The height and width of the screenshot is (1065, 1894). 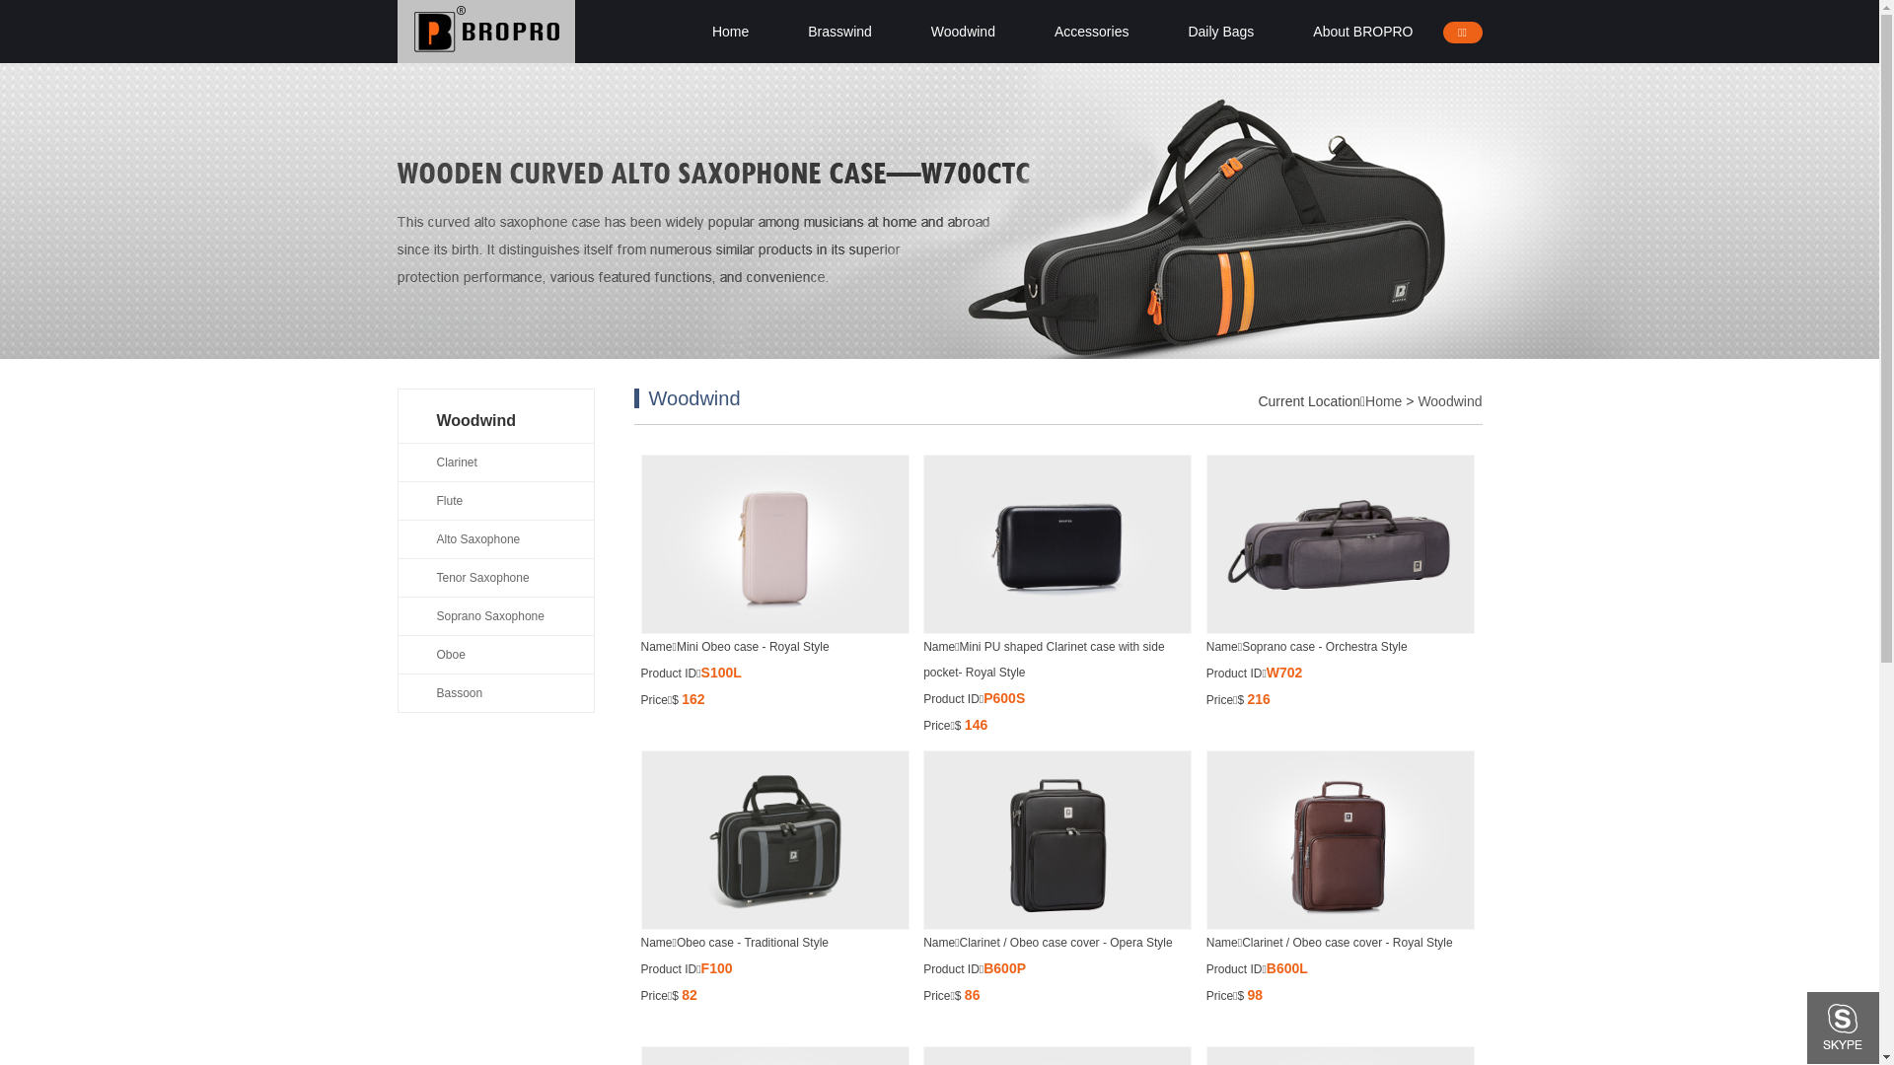 I want to click on 'About BROPRO', so click(x=1361, y=31).